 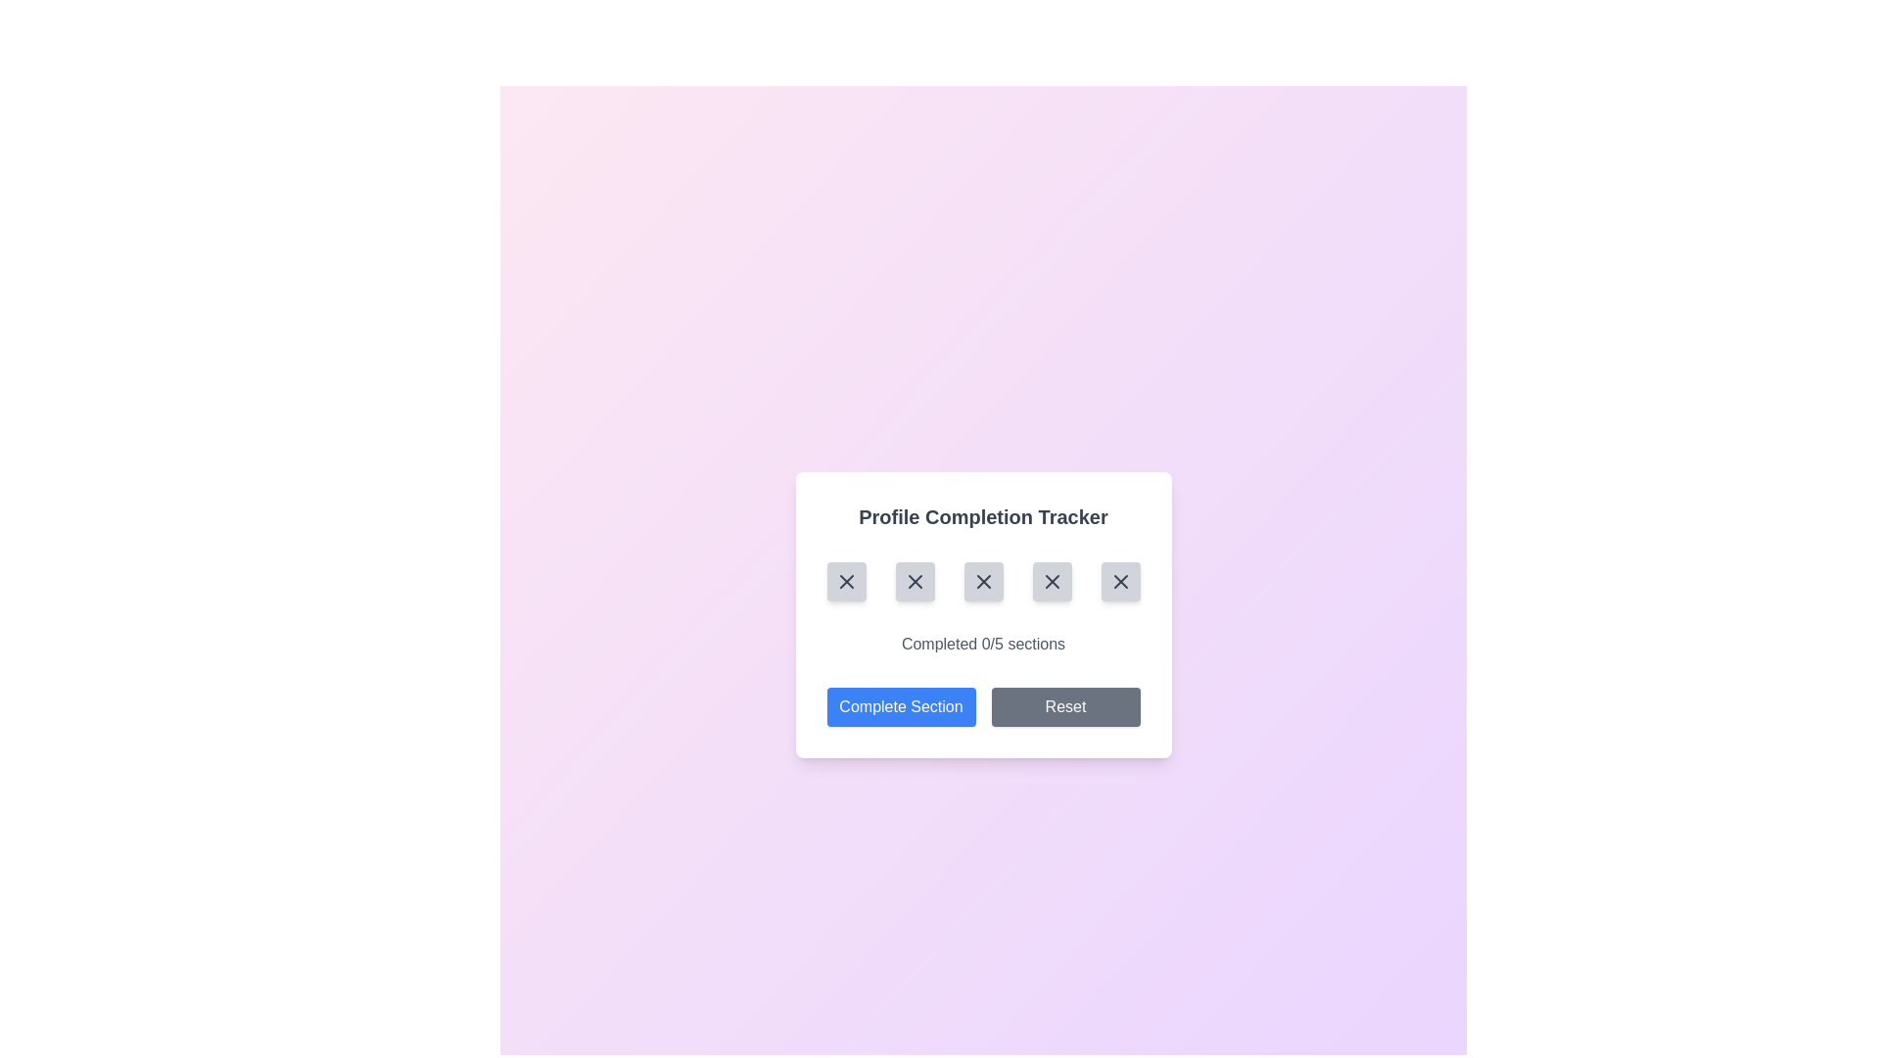 I want to click on the fourth interactive button with a gray background and an 'X' icon to interact with it, so click(x=1051, y=581).